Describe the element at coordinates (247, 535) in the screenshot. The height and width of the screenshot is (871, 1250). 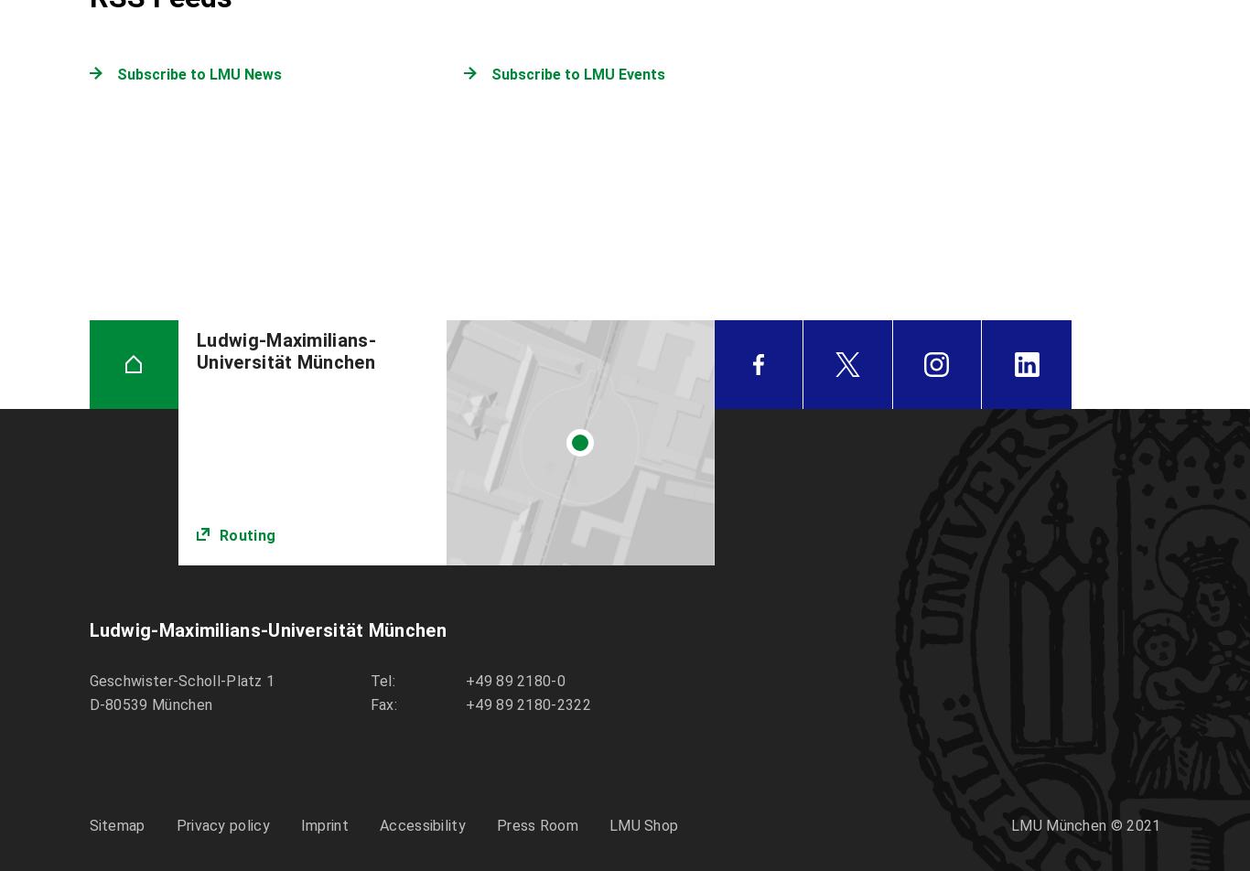
I see `'Routing'` at that location.